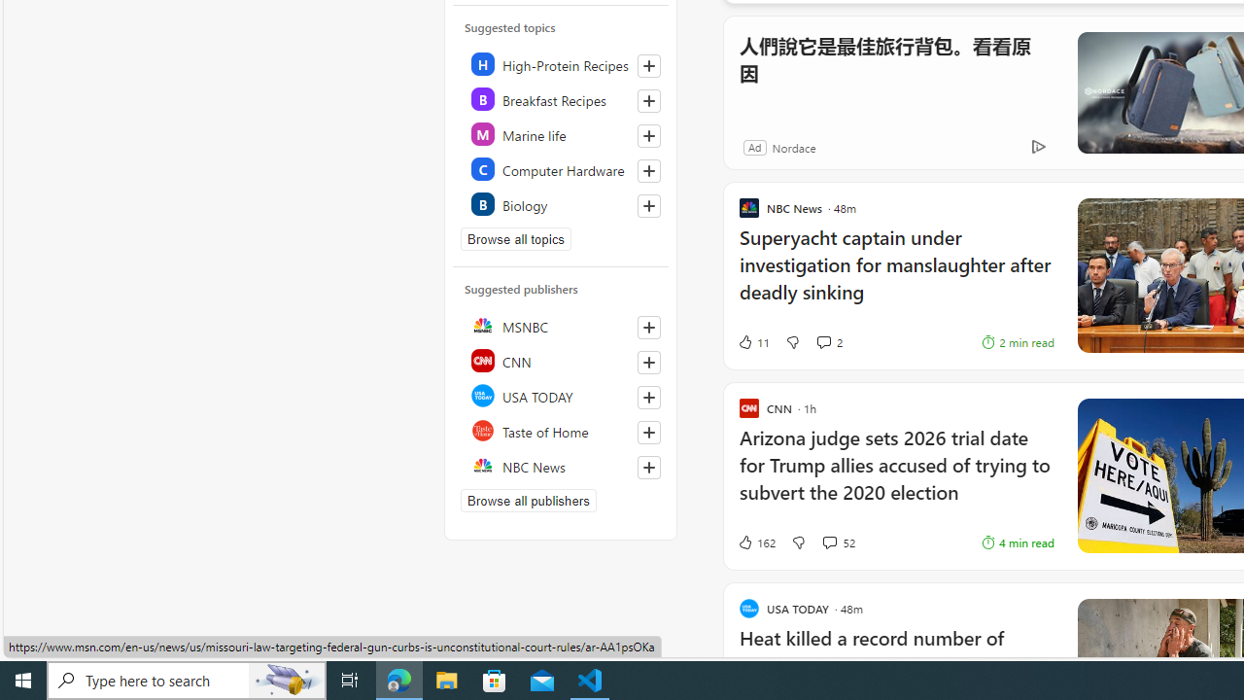 The width and height of the screenshot is (1244, 700). Describe the element at coordinates (752, 341) in the screenshot. I see `'11 Like'` at that location.